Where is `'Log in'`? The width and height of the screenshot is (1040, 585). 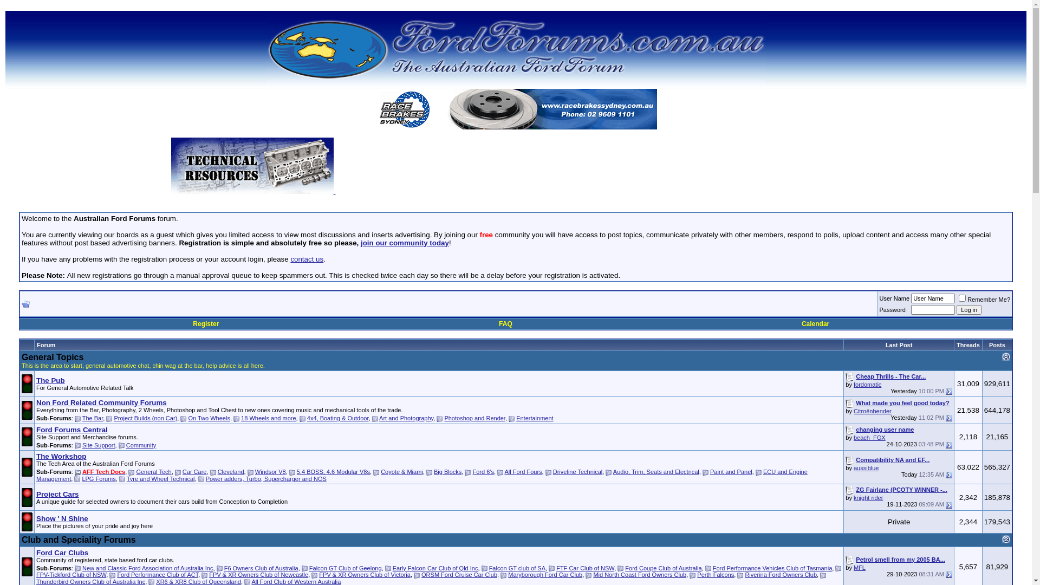
'Log in' is located at coordinates (957, 309).